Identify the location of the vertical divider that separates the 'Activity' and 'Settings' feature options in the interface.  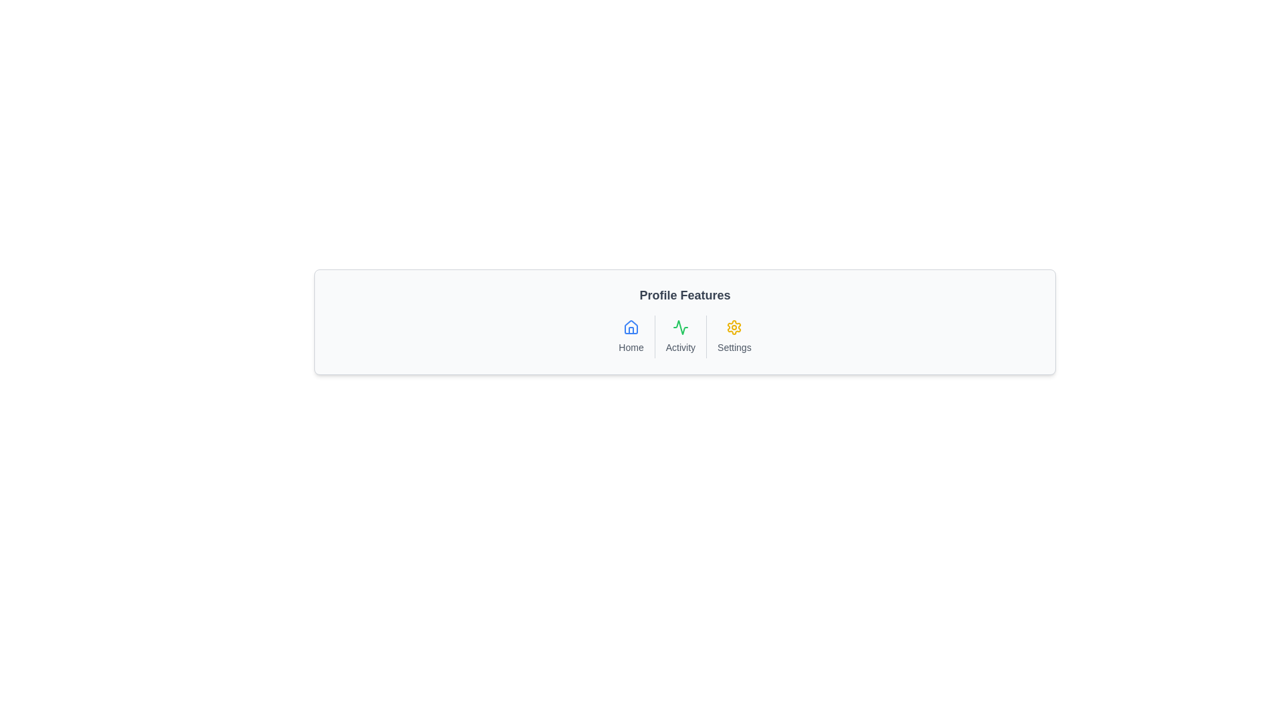
(706, 336).